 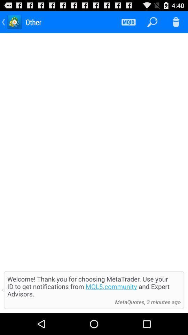 What do you see at coordinates (146, 301) in the screenshot?
I see `icon below the welcome thank you icon` at bounding box center [146, 301].